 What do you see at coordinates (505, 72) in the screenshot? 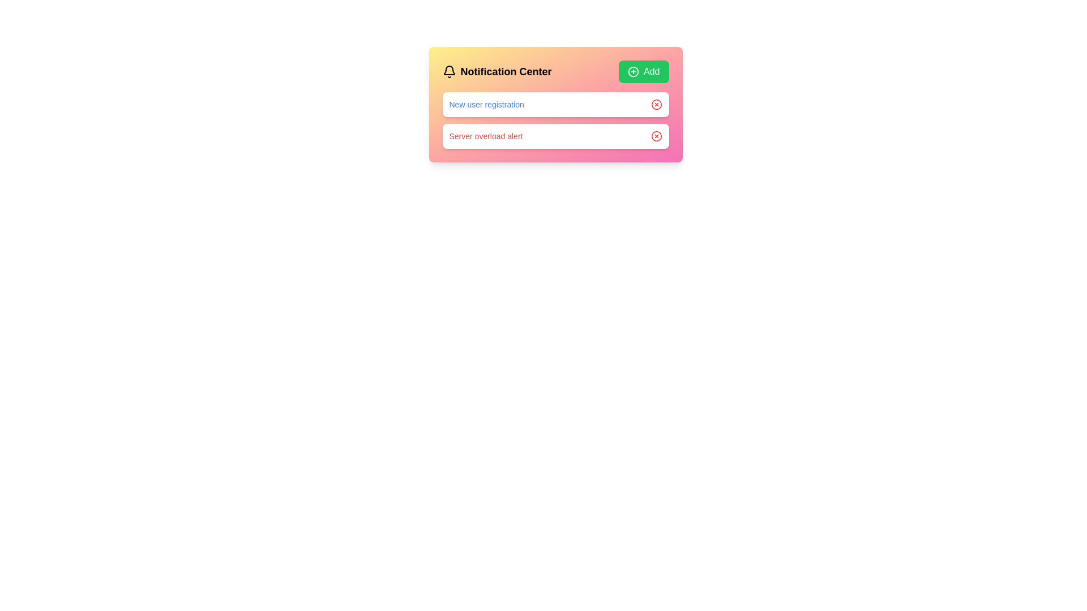
I see `the bold text label displaying 'Notification Center' in black, which is styled with a large font size and is located on a gradient background transitioning from yellow to pink` at bounding box center [505, 72].